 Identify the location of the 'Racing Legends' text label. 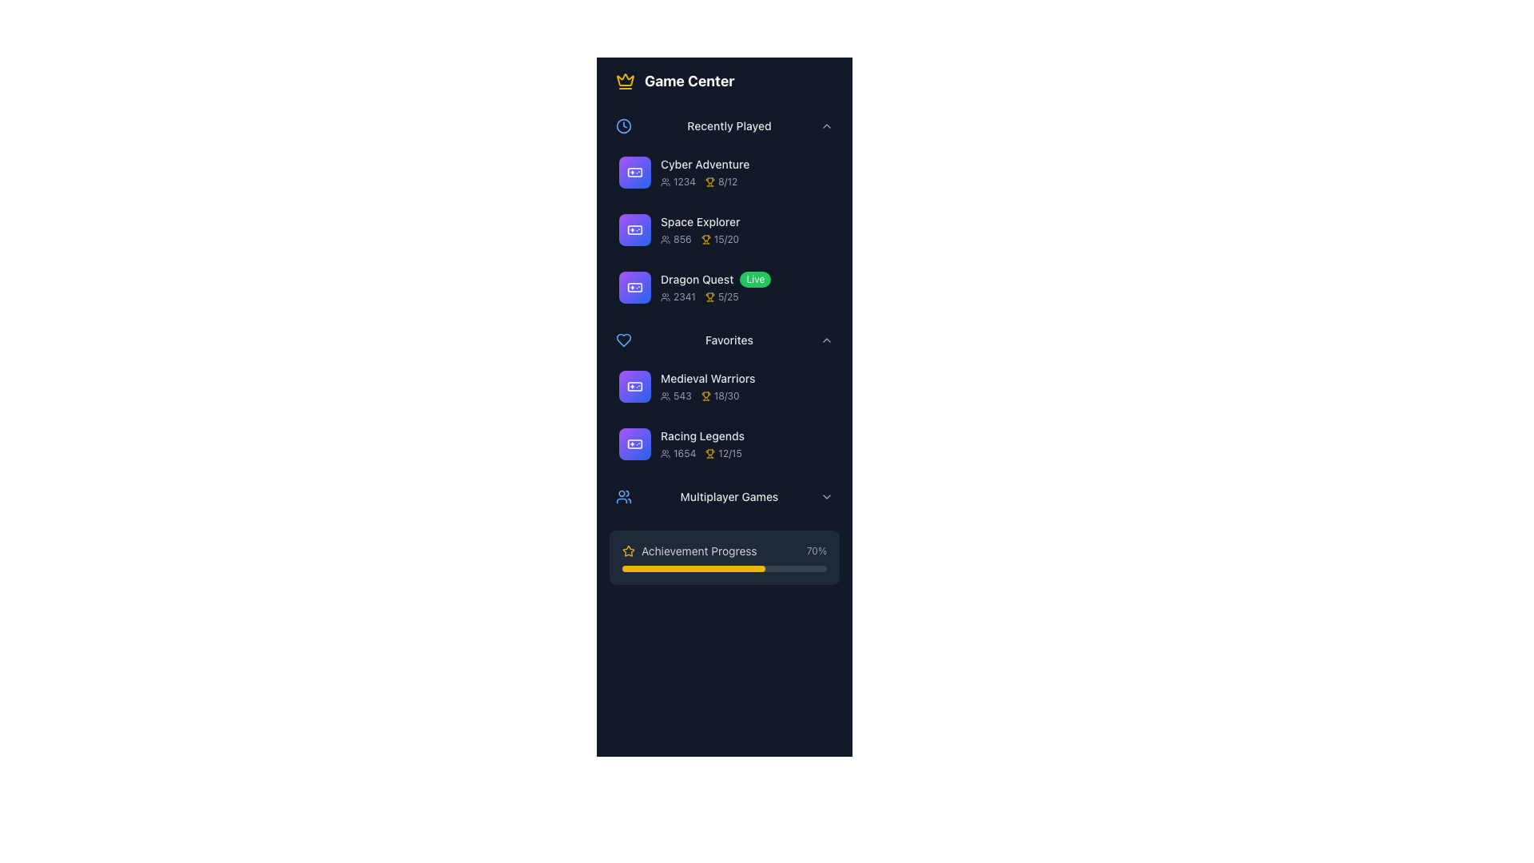
(702, 436).